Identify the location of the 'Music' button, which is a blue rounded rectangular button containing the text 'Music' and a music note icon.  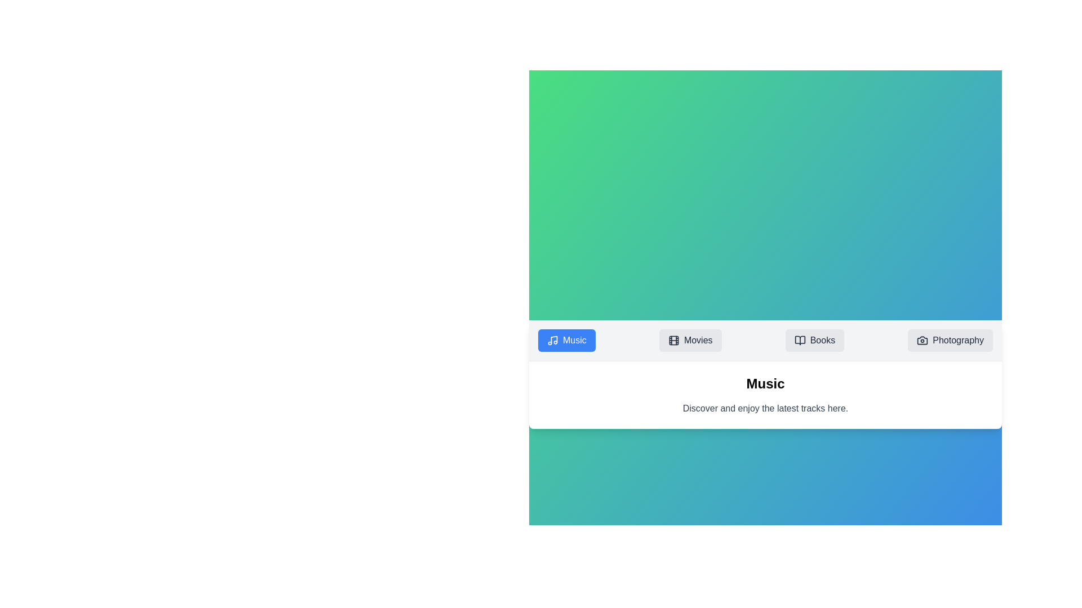
(574, 339).